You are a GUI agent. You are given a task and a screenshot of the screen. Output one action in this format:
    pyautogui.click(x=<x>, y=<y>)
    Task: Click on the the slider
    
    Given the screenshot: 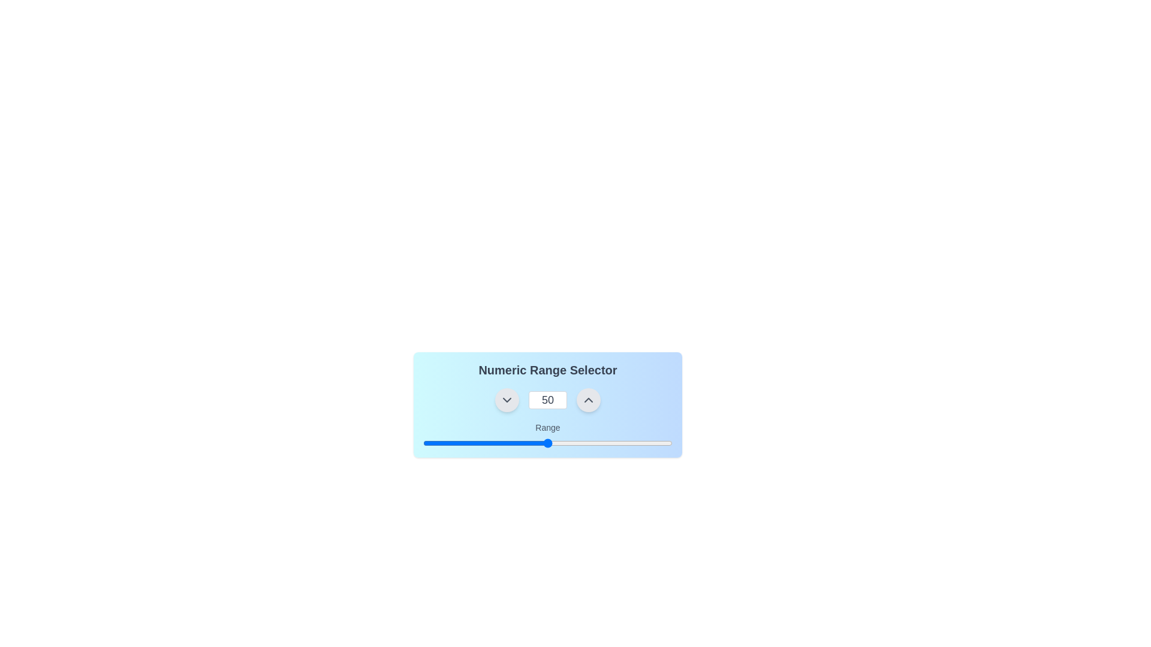 What is the action you would take?
    pyautogui.click(x=562, y=443)
    